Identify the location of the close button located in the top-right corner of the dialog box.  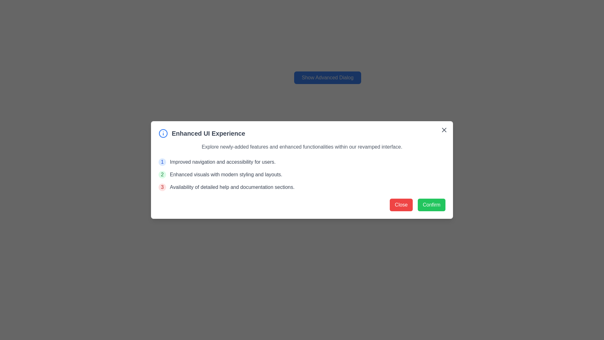
(444, 129).